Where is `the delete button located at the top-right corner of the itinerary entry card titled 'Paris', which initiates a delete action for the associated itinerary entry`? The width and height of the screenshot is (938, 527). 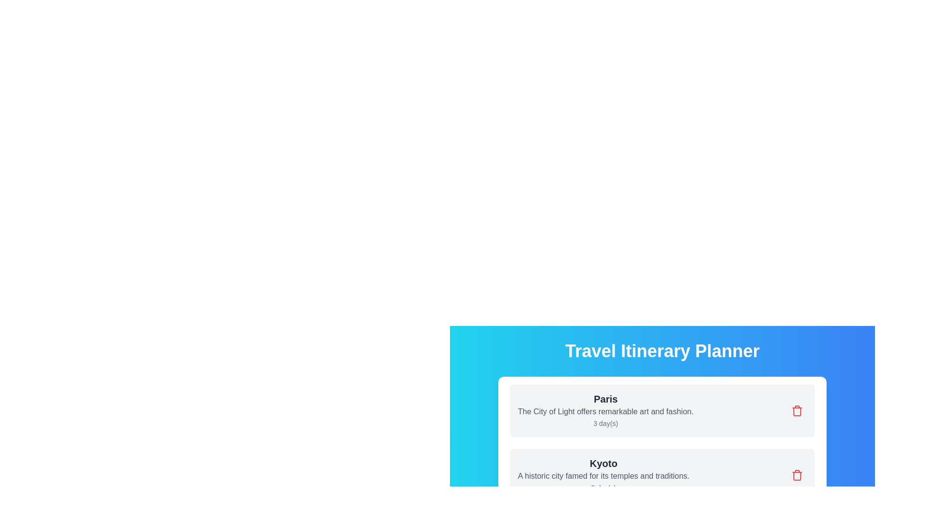 the delete button located at the top-right corner of the itinerary entry card titled 'Paris', which initiates a delete action for the associated itinerary entry is located at coordinates (797, 410).